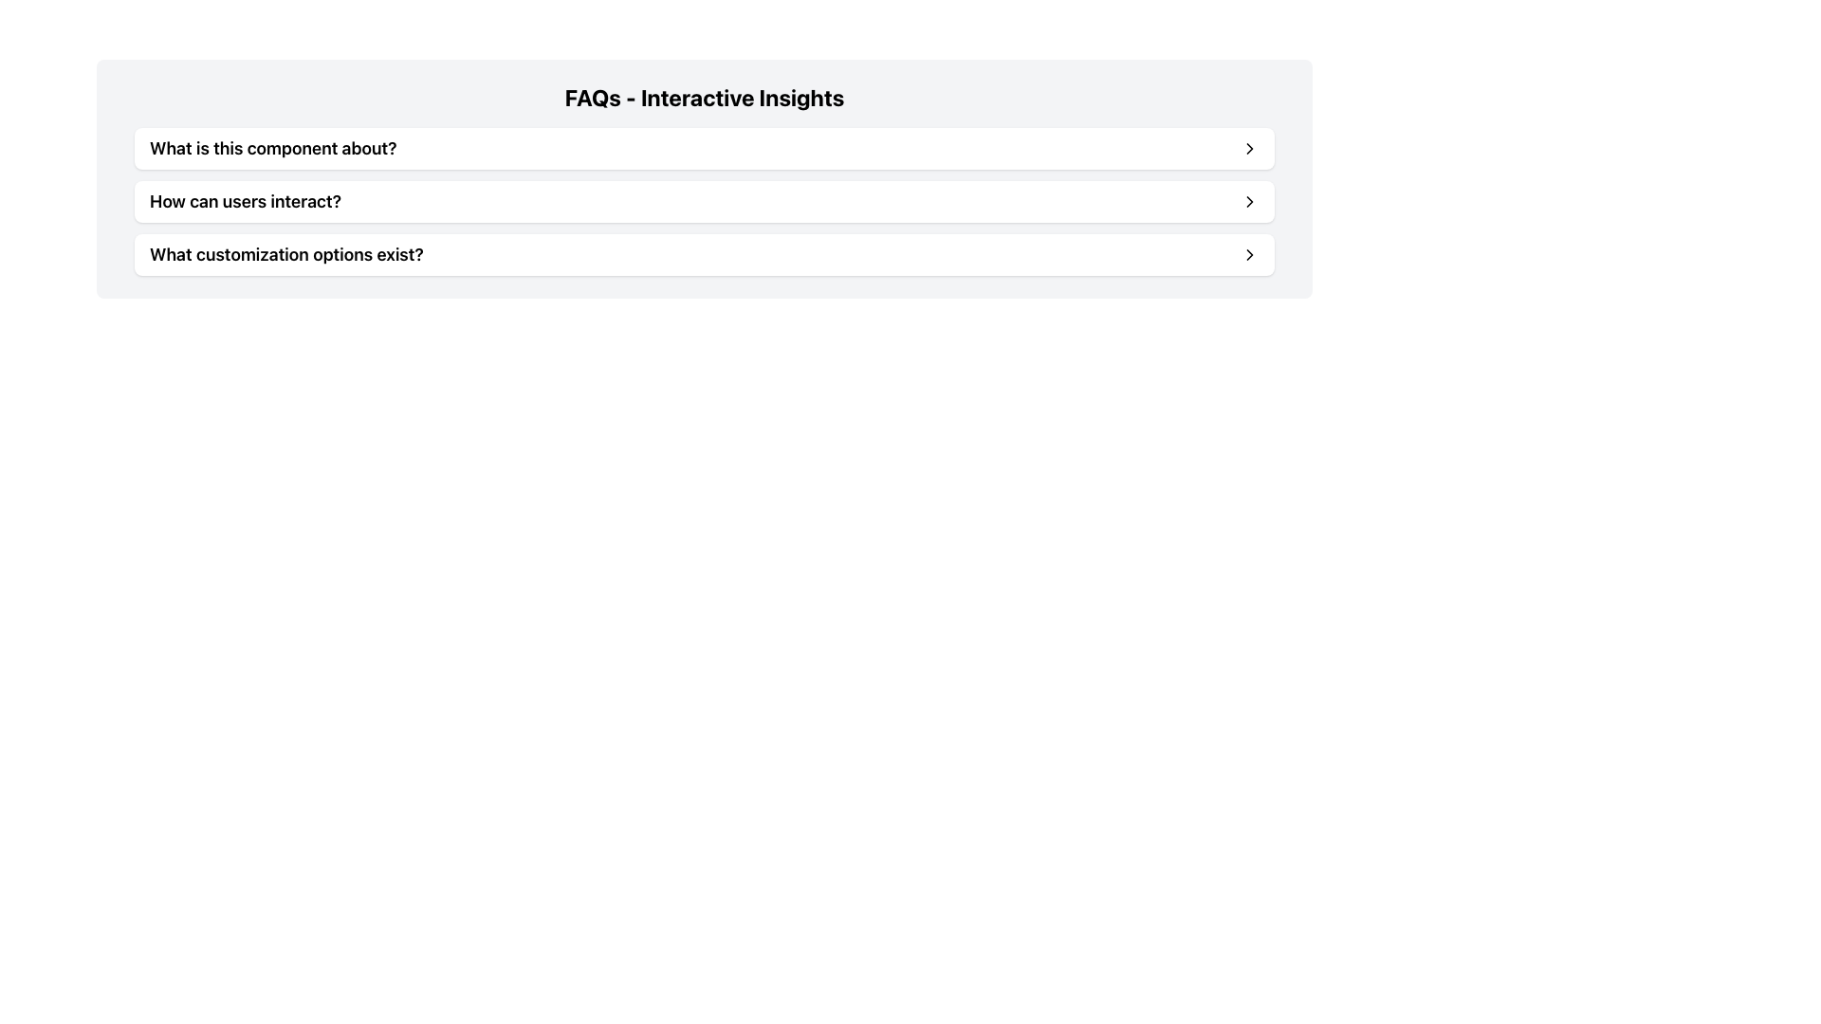 Image resolution: width=1821 pixels, height=1024 pixels. I want to click on the right-pointing chevron icon located on the right side of the button labeled 'What is this component about?' for navigation or interaction, so click(1250, 148).